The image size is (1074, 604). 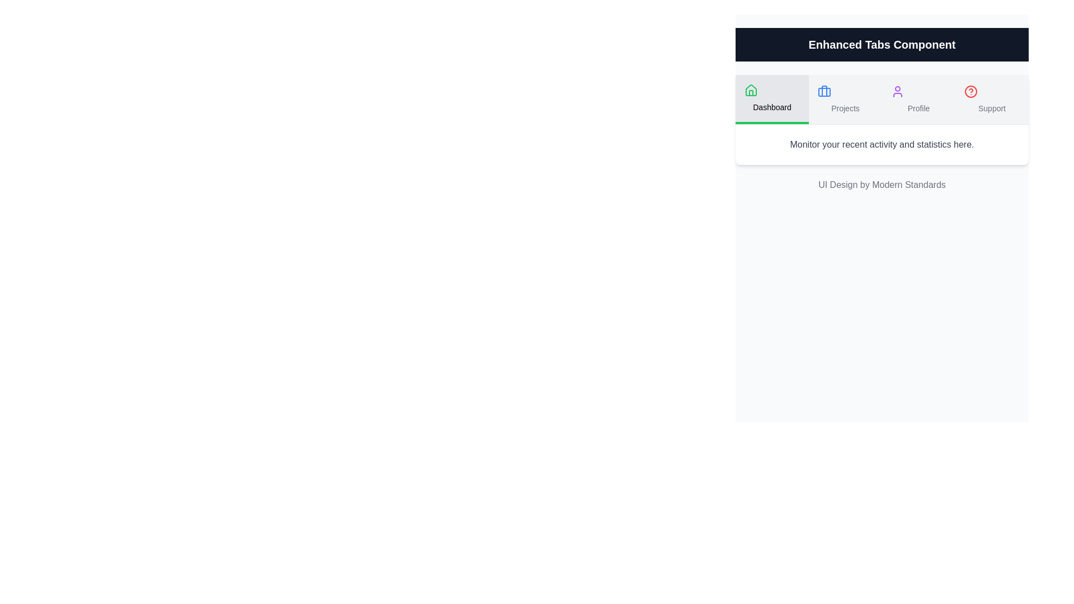 I want to click on the text label indicating the purpose of the user's profile tab, which is located below the purple user icon in the third tab of the top navigation bar, so click(x=918, y=108).